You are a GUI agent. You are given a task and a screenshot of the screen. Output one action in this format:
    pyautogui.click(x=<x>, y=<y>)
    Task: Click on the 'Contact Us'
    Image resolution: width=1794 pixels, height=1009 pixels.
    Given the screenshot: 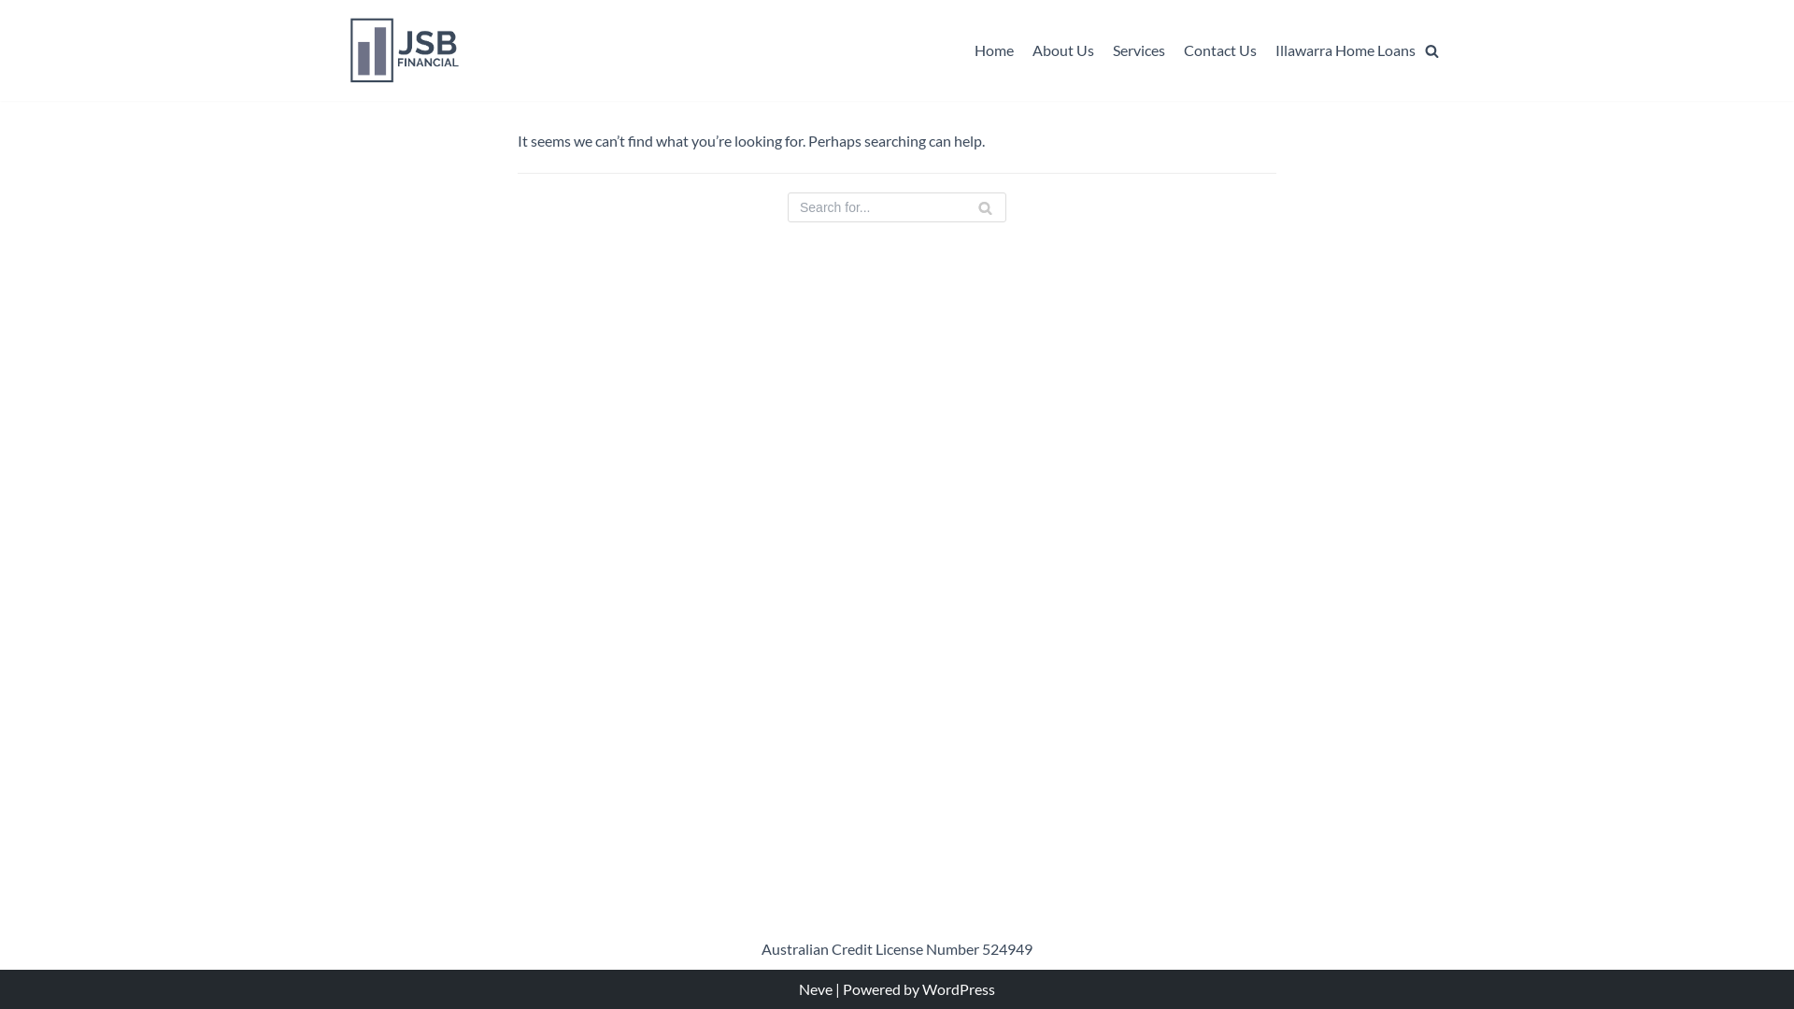 What is the action you would take?
    pyautogui.click(x=1183, y=50)
    